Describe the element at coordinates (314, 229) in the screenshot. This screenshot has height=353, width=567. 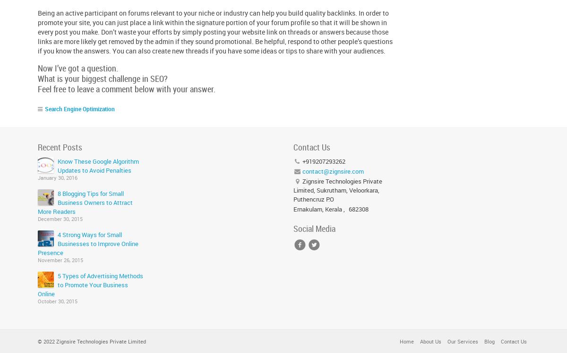
I see `'Social Media'` at that location.